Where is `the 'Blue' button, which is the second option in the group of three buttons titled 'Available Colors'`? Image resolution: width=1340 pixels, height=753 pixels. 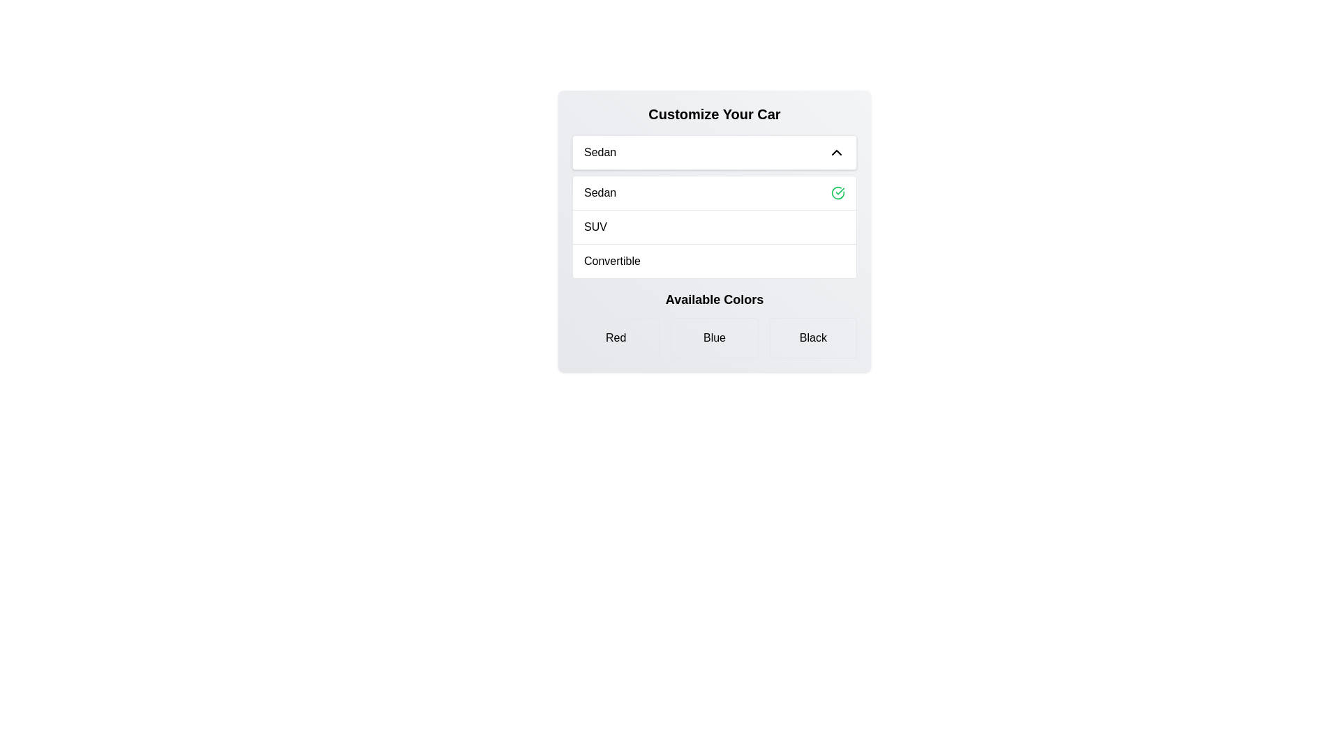
the 'Blue' button, which is the second option in the group of three buttons titled 'Available Colors' is located at coordinates (714, 338).